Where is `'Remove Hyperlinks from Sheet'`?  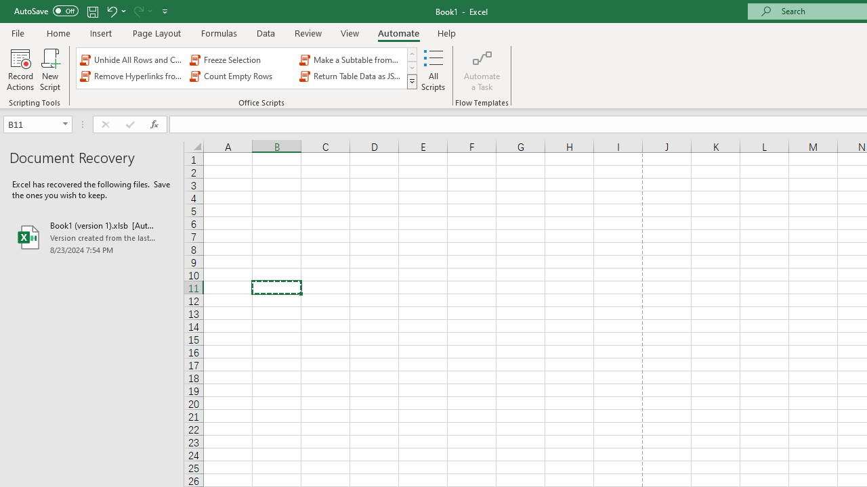 'Remove Hyperlinks from Sheet' is located at coordinates (132, 76).